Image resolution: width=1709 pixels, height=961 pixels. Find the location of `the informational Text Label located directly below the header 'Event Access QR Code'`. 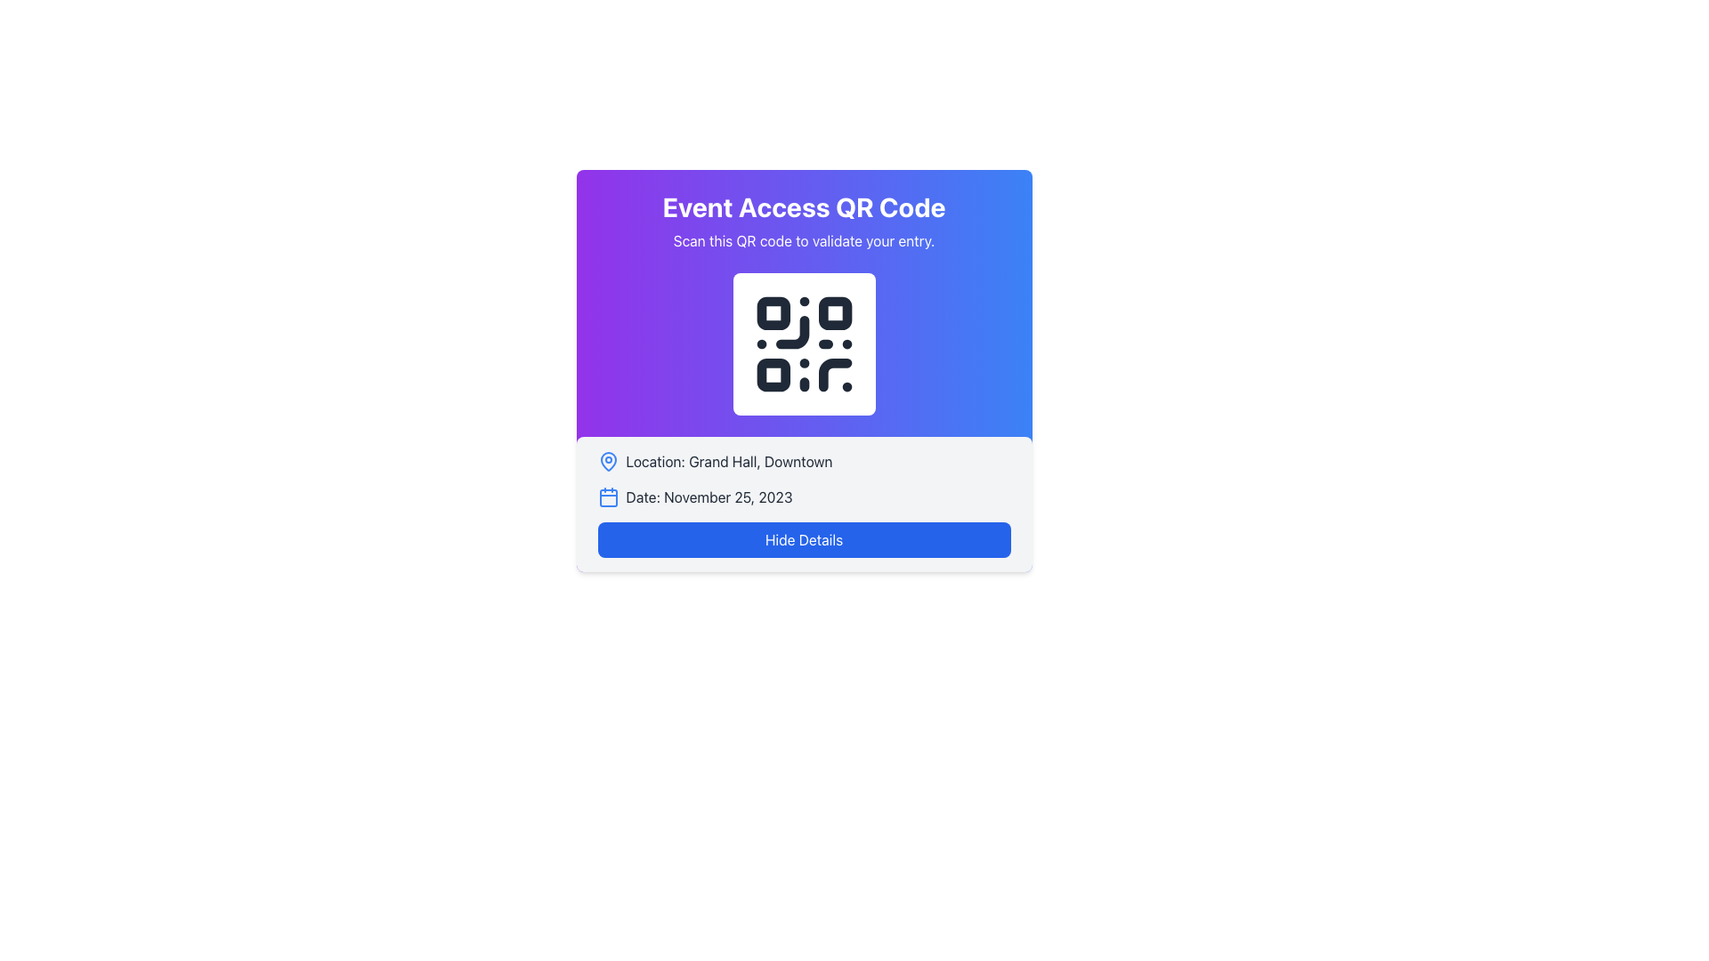

the informational Text Label located directly below the header 'Event Access QR Code' is located at coordinates (803, 240).